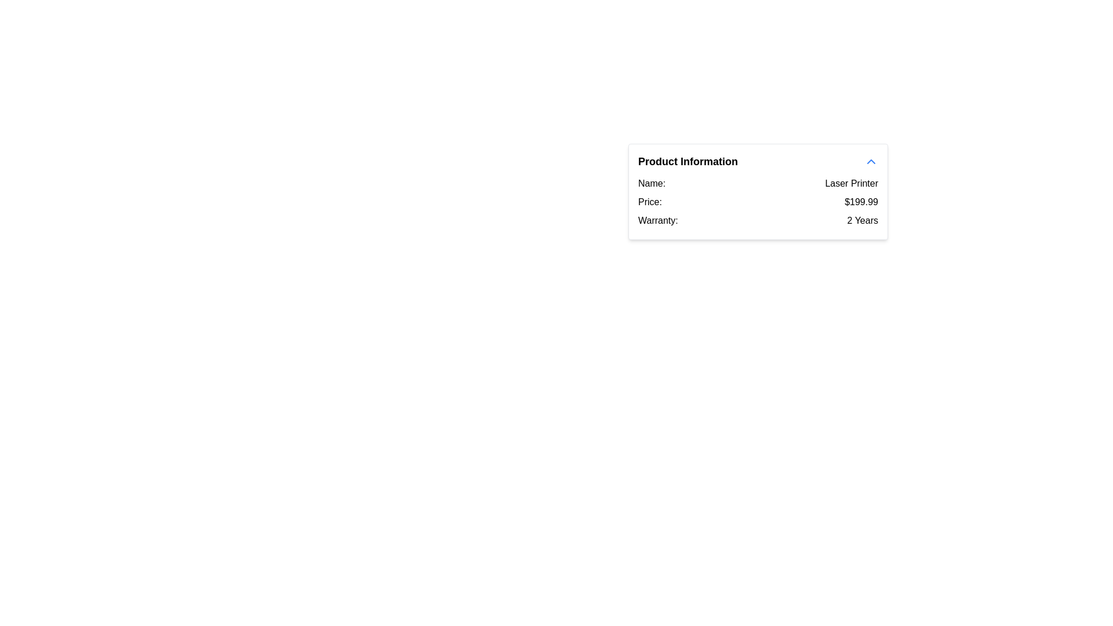 Image resolution: width=1113 pixels, height=626 pixels. Describe the element at coordinates (871, 161) in the screenshot. I see `the blue chevron-up icon located in the top-right corner of the product information section` at that location.